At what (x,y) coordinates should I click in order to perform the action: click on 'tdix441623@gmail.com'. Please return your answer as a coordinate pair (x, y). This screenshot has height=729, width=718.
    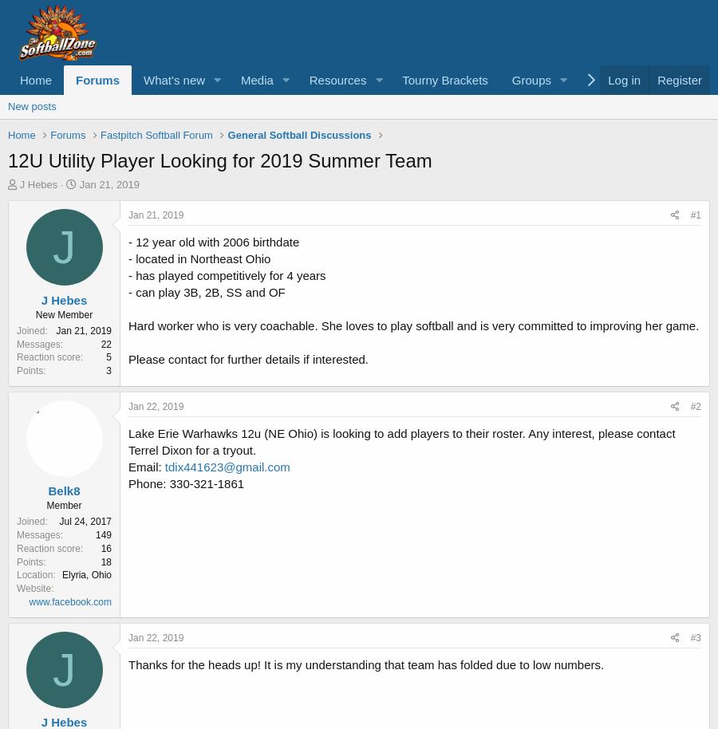
    Looking at the image, I should click on (164, 466).